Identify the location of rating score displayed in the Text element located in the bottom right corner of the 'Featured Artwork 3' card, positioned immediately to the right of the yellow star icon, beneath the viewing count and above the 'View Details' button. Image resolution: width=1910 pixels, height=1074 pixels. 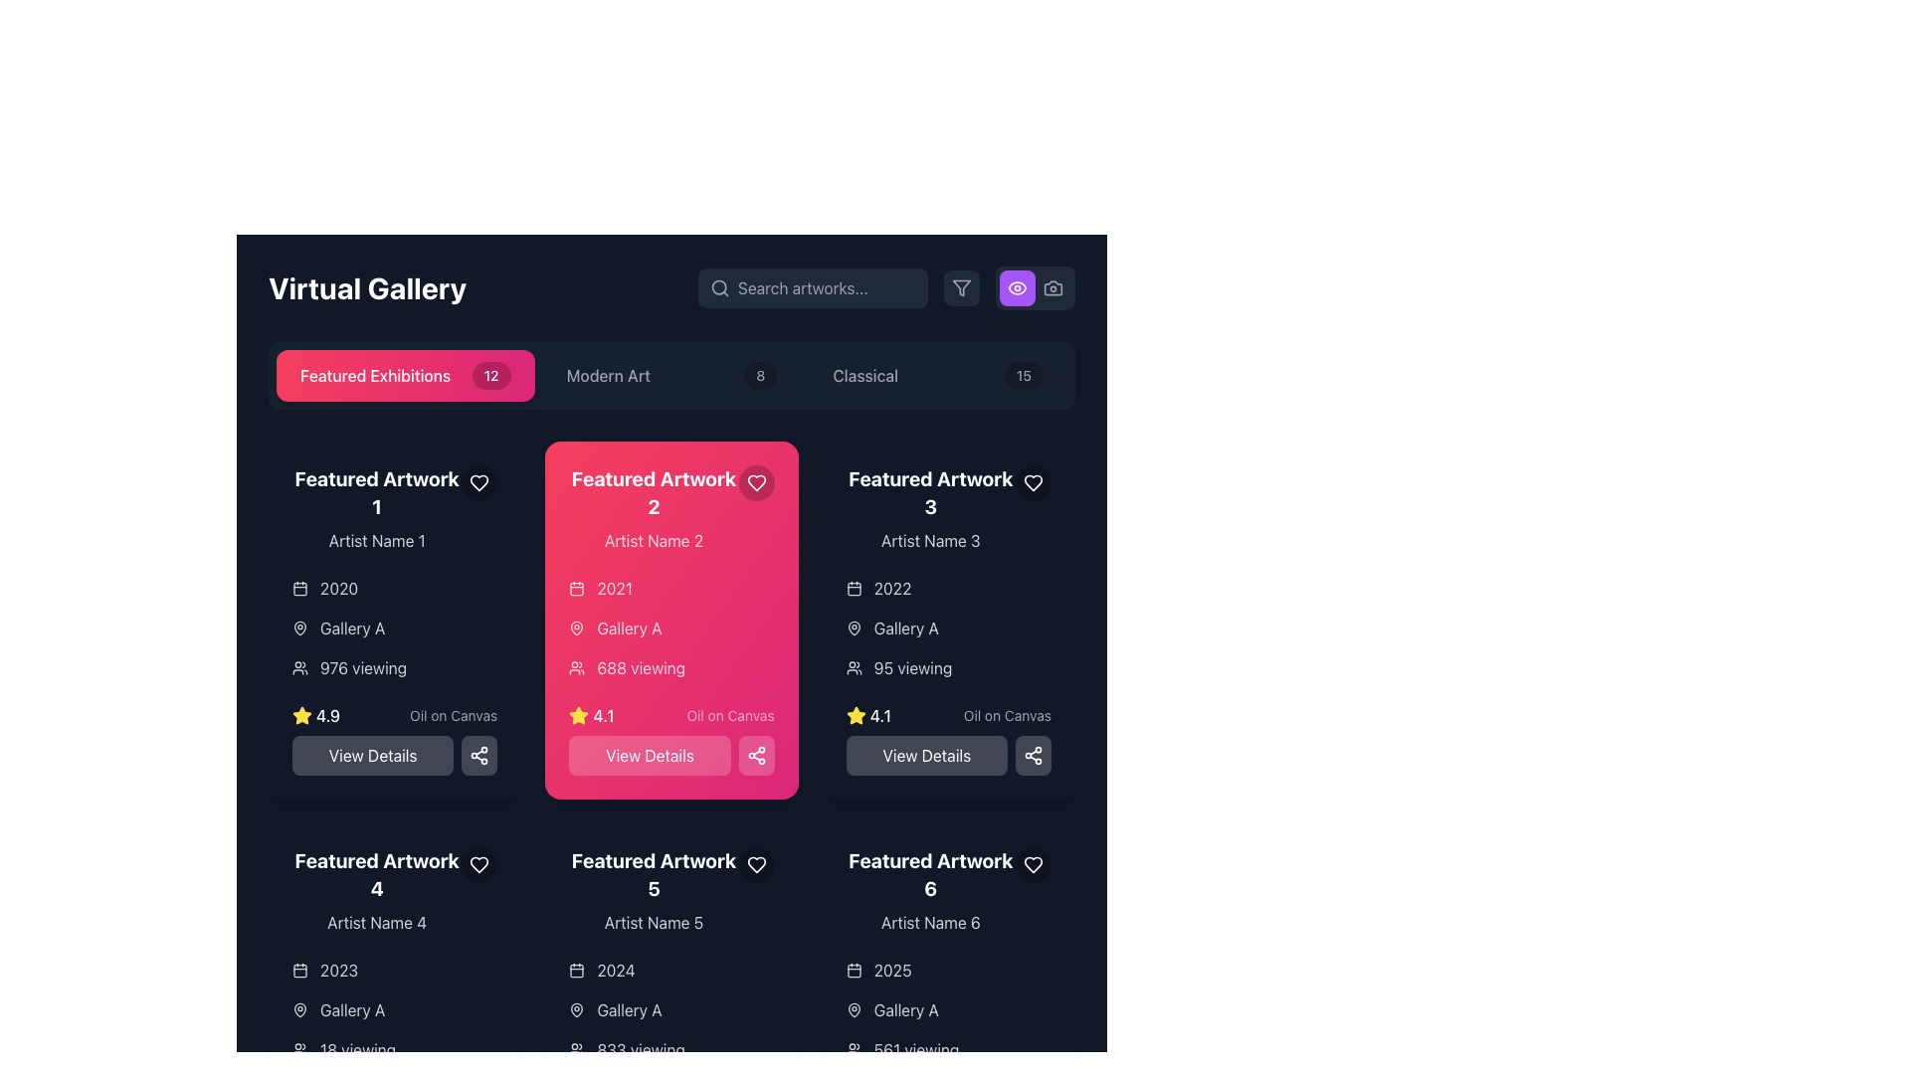
(879, 716).